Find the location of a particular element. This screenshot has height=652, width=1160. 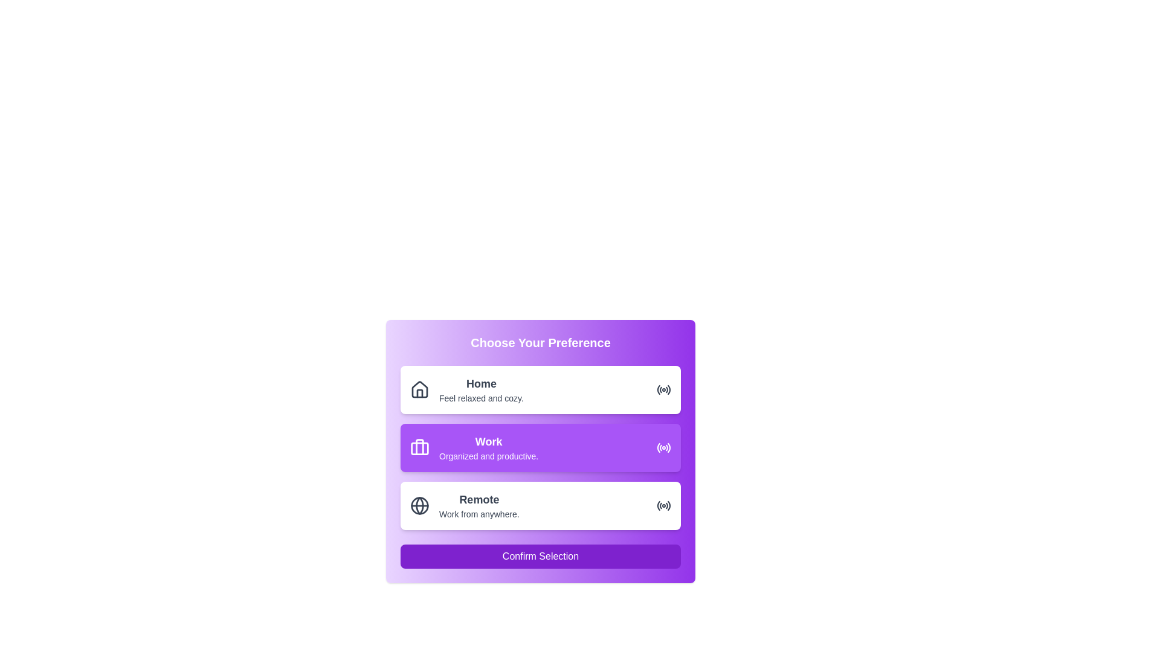

the second selectable option within the 'Choose Your Preference' interface is located at coordinates (540, 447).